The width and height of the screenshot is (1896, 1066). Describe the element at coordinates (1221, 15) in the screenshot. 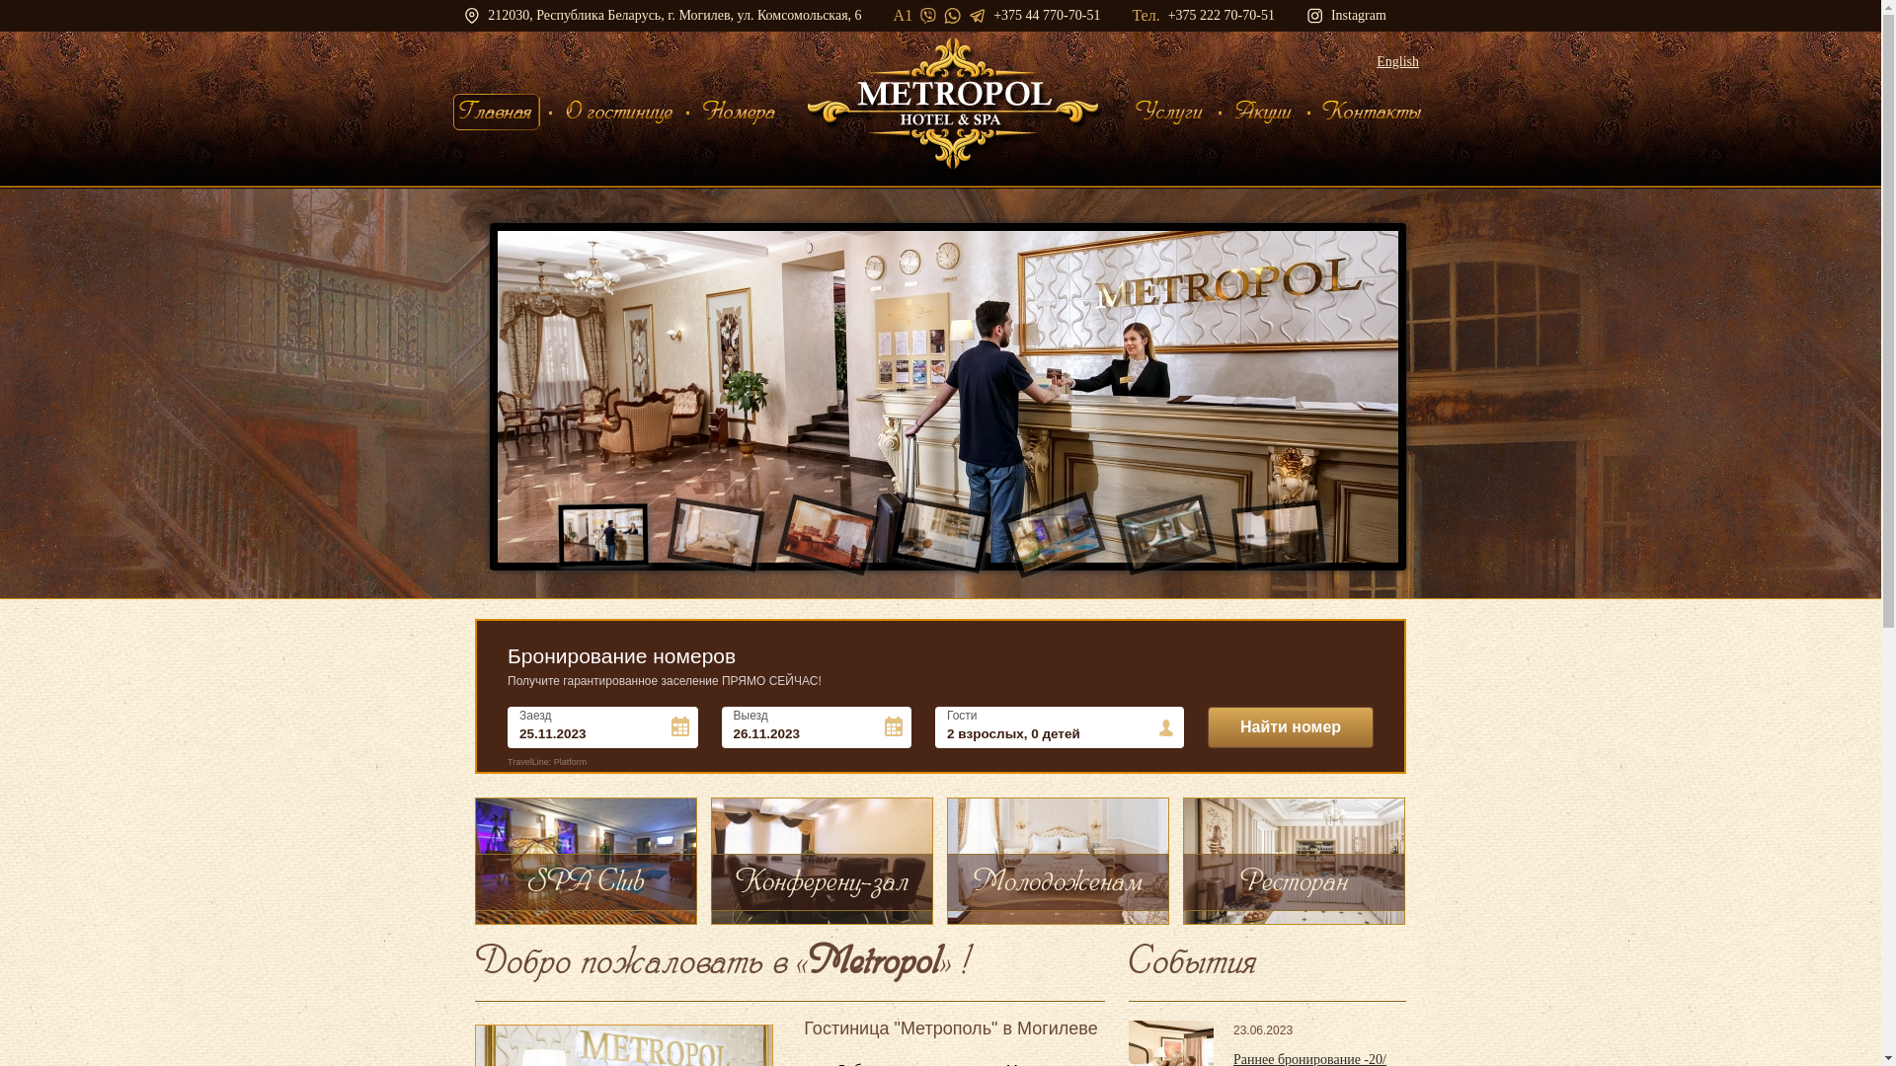

I see `'+375 222 70-70-51'` at that location.